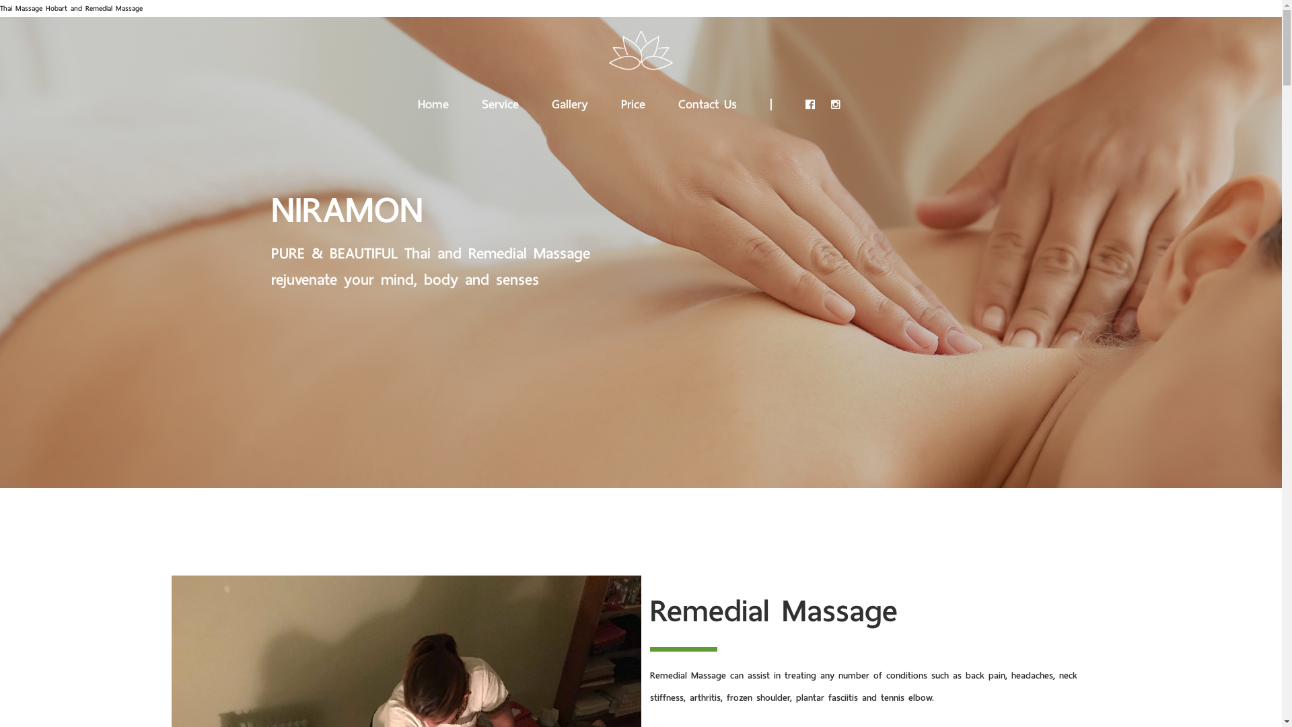  I want to click on 'Contact Us', so click(707, 100).